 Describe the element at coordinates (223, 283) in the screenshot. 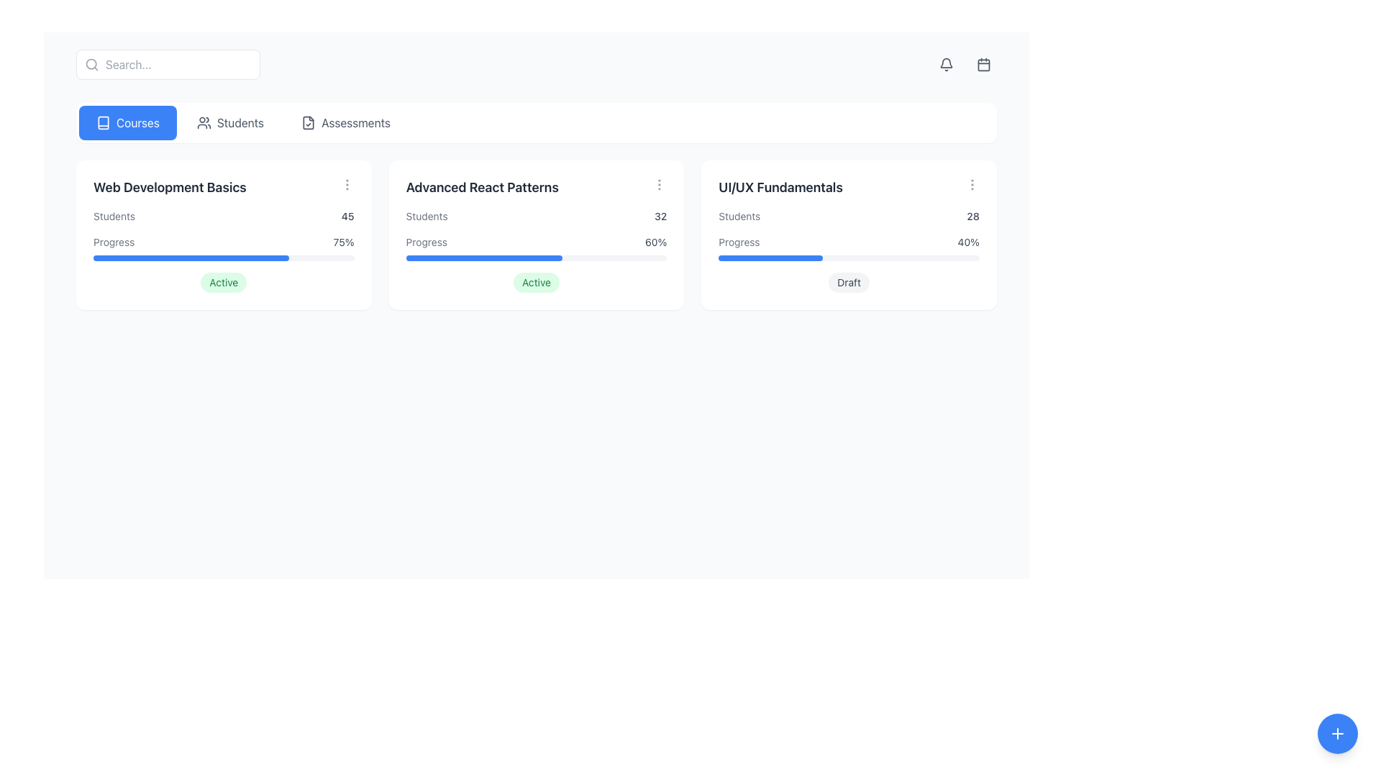

I see `the rounded pill-shaped label with a light green background and the text 'Active', located in the bottom section of the 'Web Development Basics' card` at that location.